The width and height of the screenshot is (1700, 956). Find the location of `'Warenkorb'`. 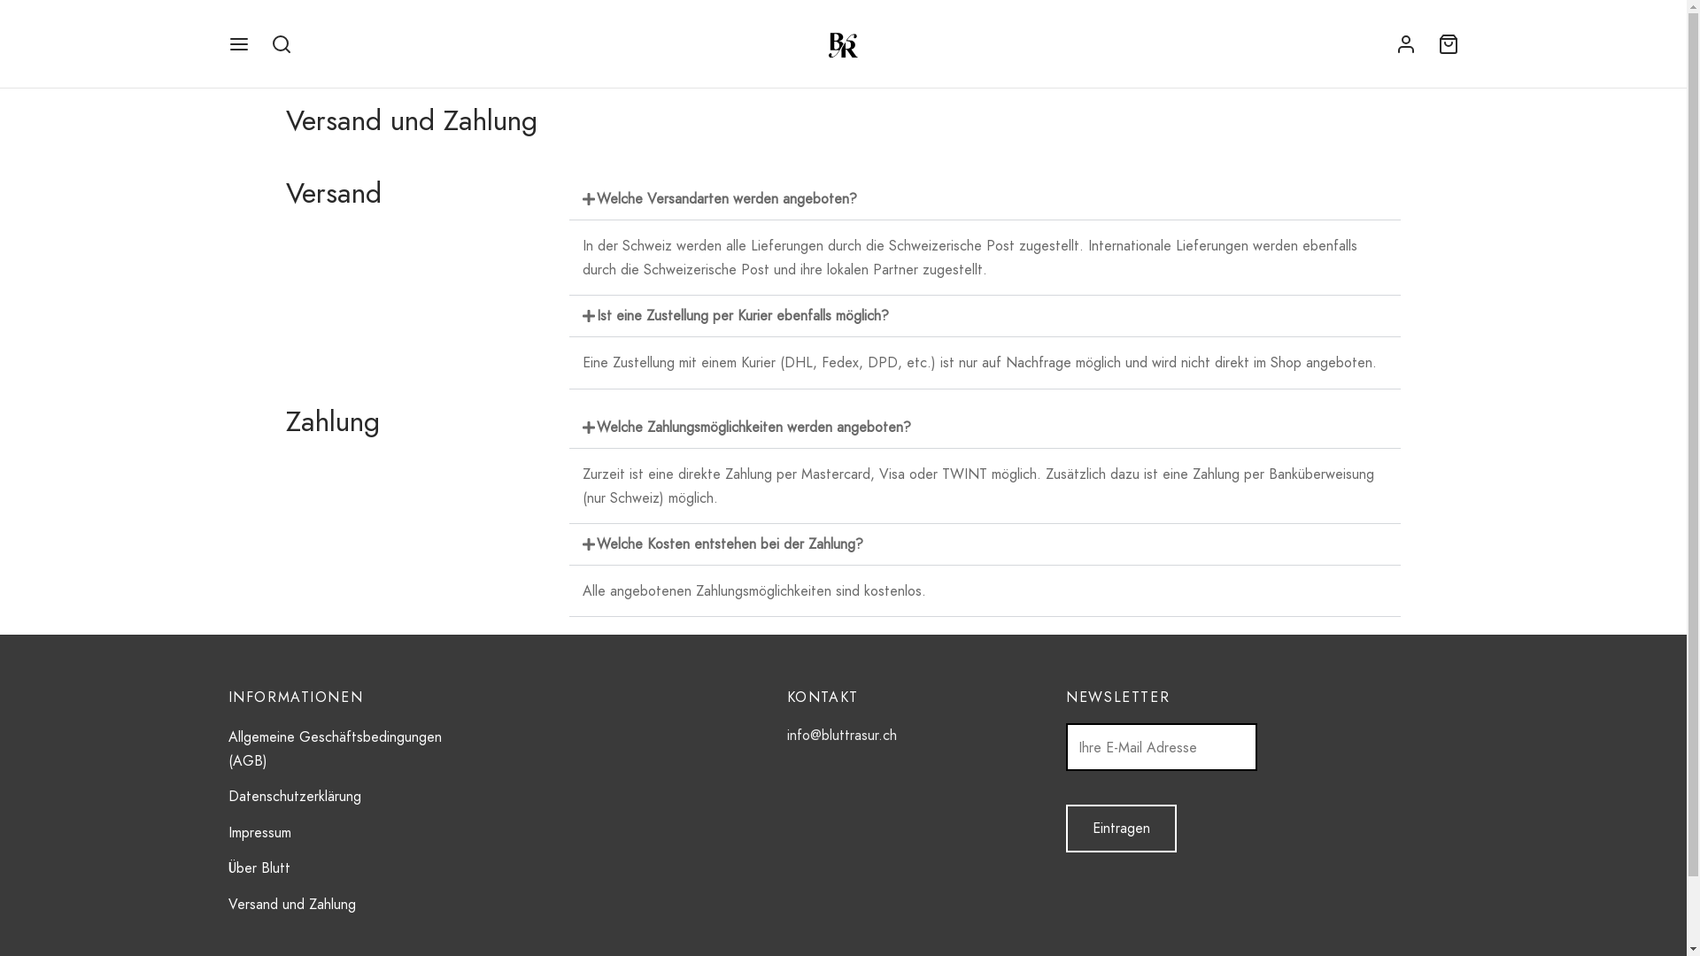

'Warenkorb' is located at coordinates (1449, 43).